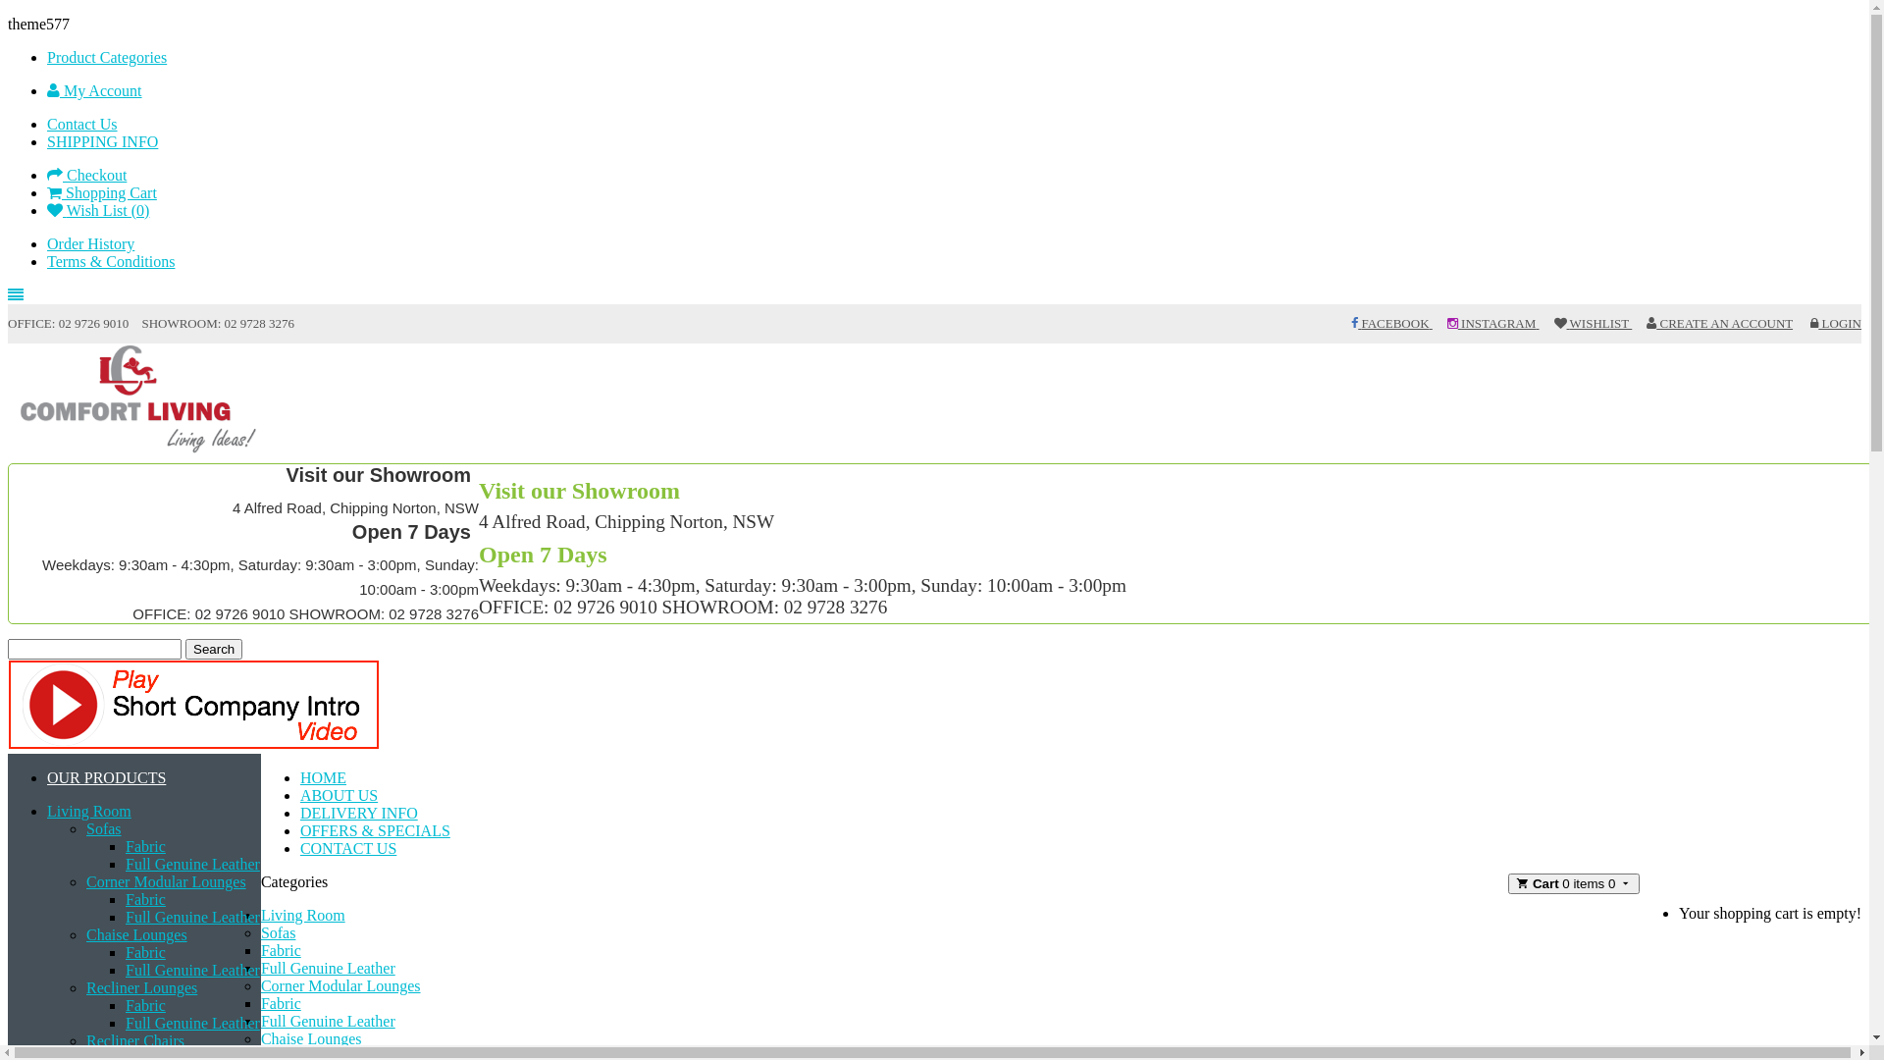  Describe the element at coordinates (1808, 322) in the screenshot. I see `'LOGIN'` at that location.